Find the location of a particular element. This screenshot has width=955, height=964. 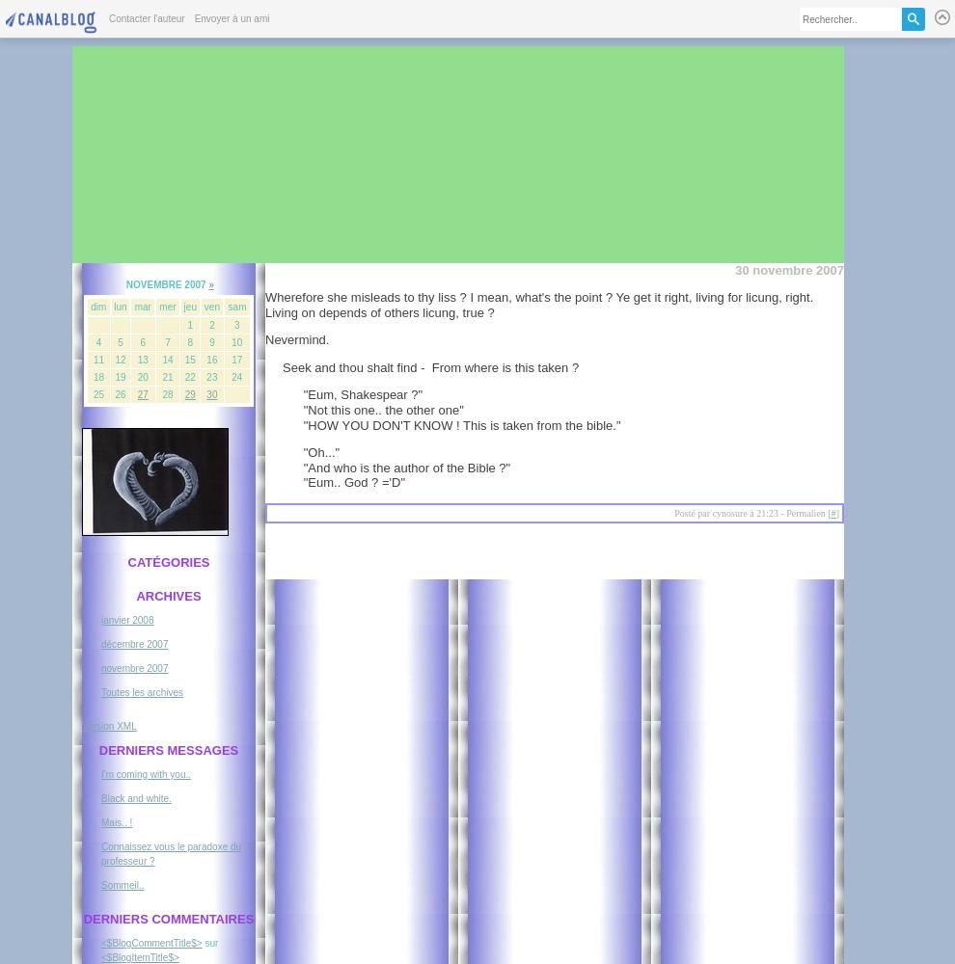

'9' is located at coordinates (210, 341).